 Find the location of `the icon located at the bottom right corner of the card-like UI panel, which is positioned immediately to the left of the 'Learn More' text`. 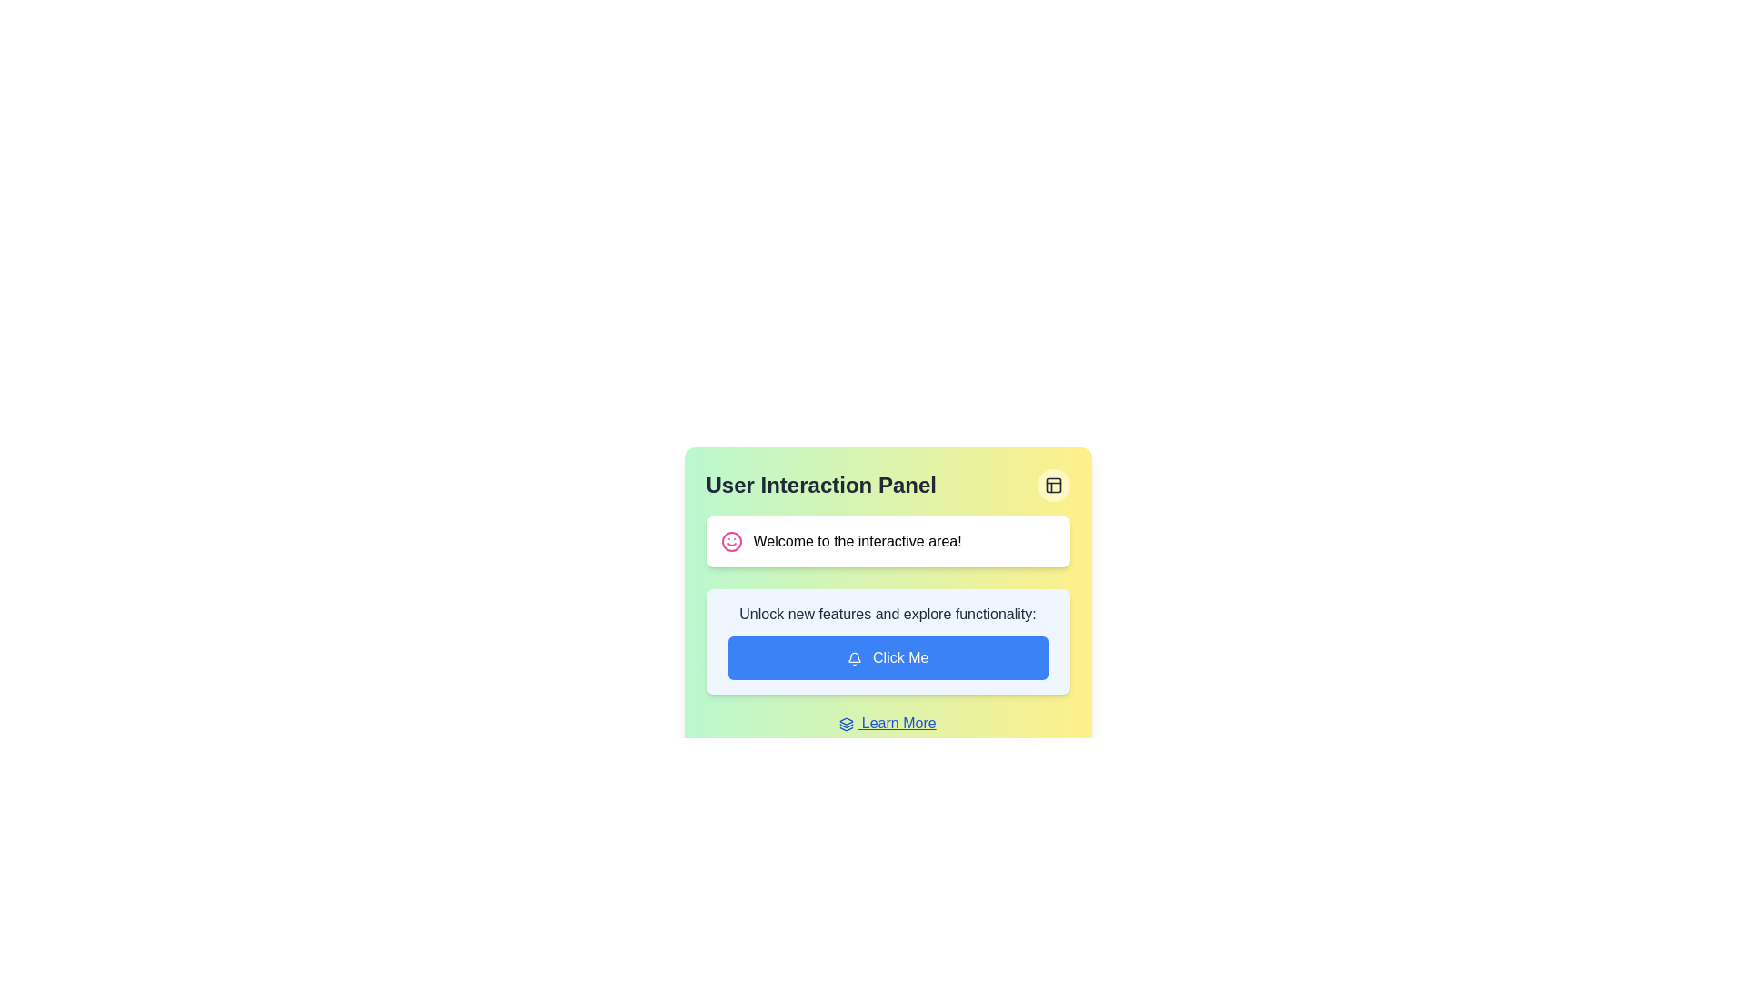

the icon located at the bottom right corner of the card-like UI panel, which is positioned immediately to the left of the 'Learn More' text is located at coordinates (846, 723).